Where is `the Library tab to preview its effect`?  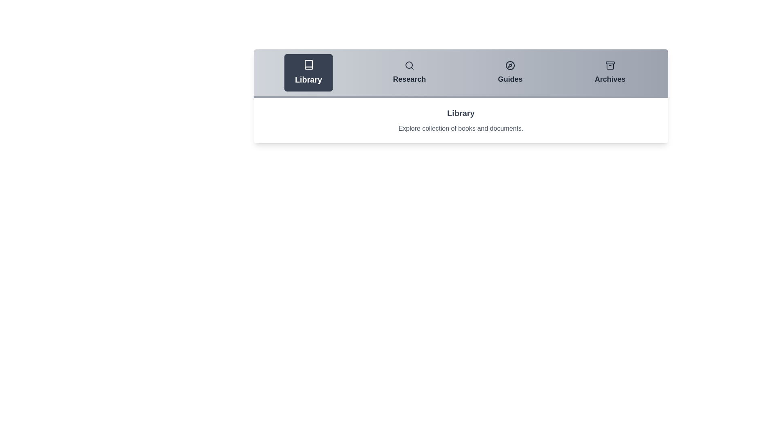 the Library tab to preview its effect is located at coordinates (308, 73).